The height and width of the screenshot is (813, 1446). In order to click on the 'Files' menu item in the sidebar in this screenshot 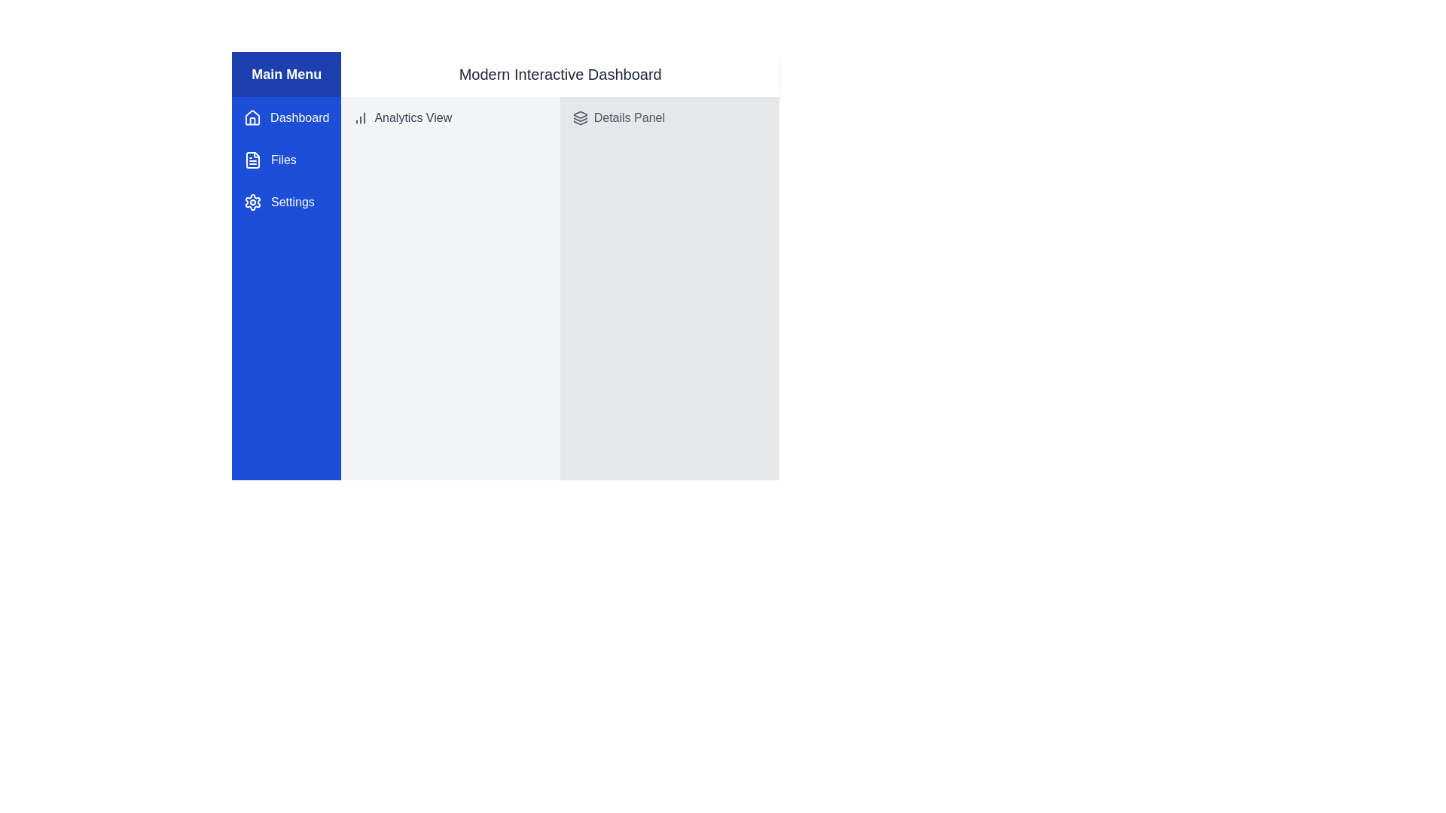, I will do `click(286, 160)`.